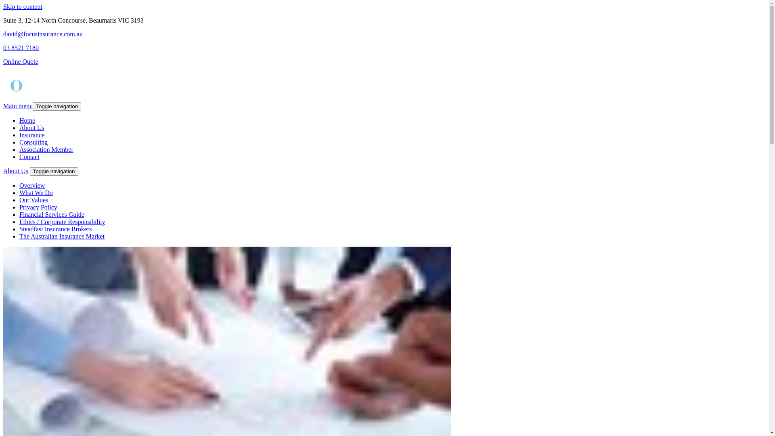 The height and width of the screenshot is (436, 775). Describe the element at coordinates (19, 200) in the screenshot. I see `'Our Values'` at that location.